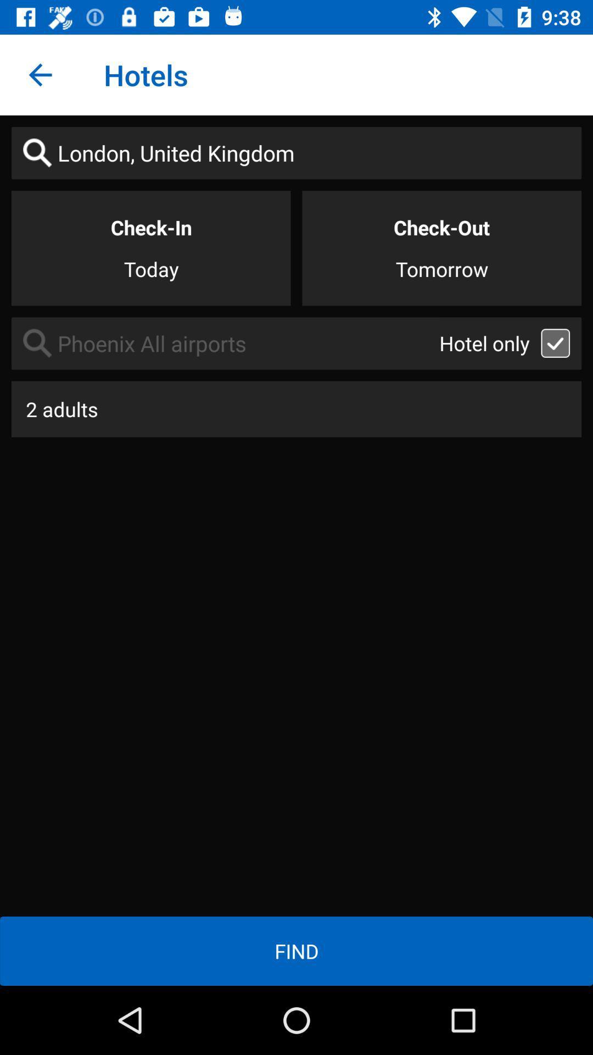  Describe the element at coordinates (225, 343) in the screenshot. I see `the item above 2 adults icon` at that location.